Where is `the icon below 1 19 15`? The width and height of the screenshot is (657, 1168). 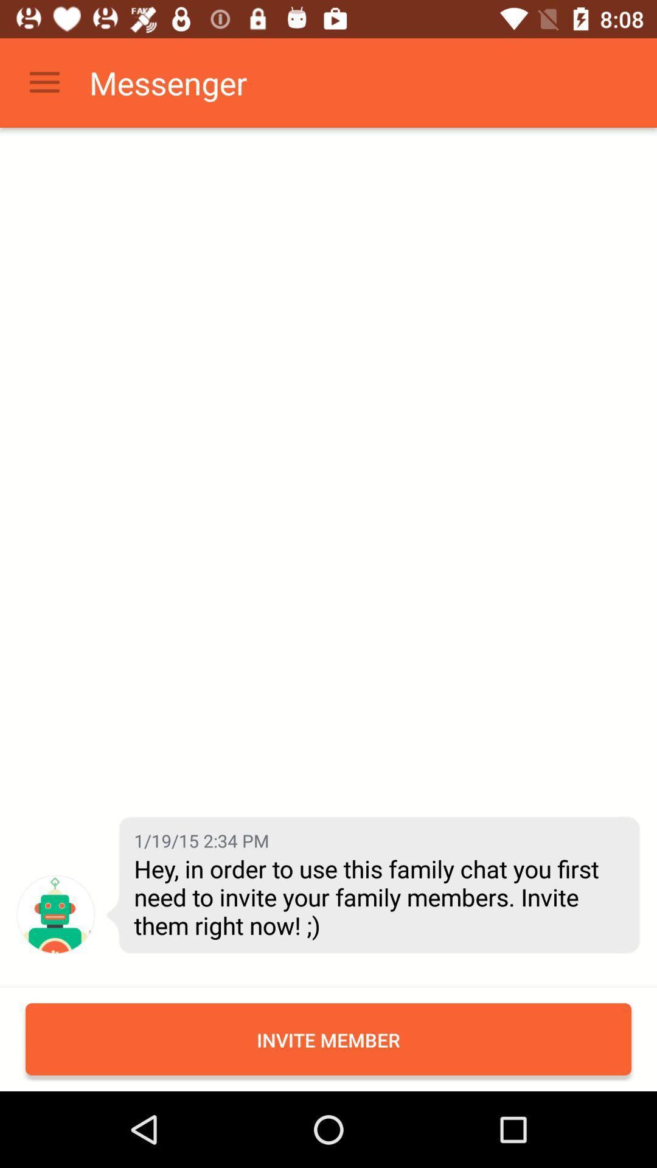
the icon below 1 19 15 is located at coordinates (377, 897).